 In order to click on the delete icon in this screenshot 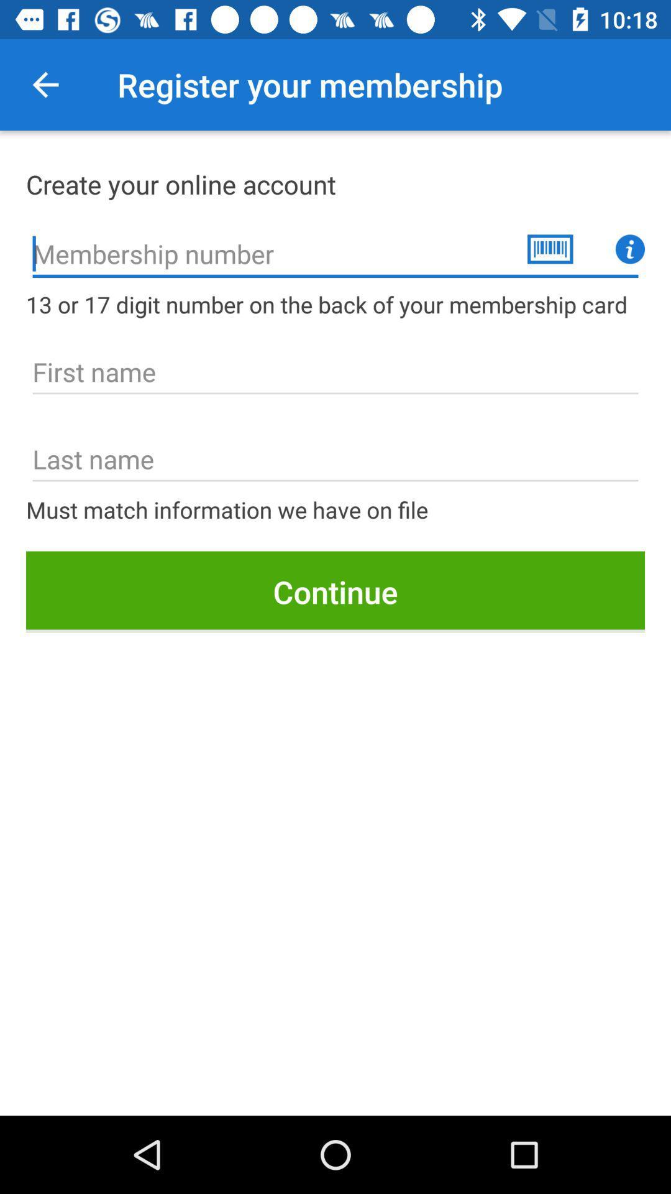, I will do `click(549, 249)`.